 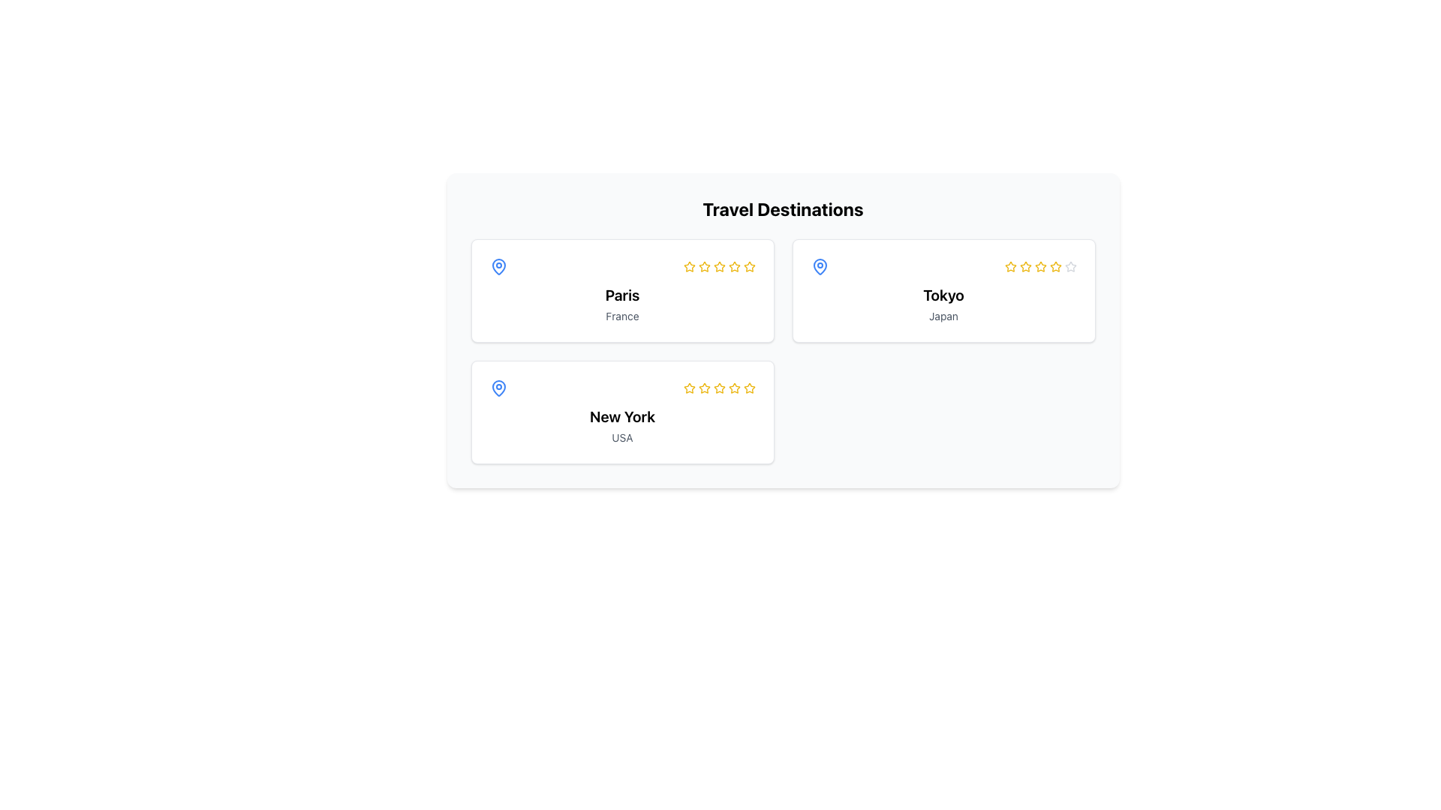 What do you see at coordinates (622, 315) in the screenshot?
I see `text label displaying 'France' that is located below the 'Paris' text within the 'Travel Destinations' section of the card` at bounding box center [622, 315].